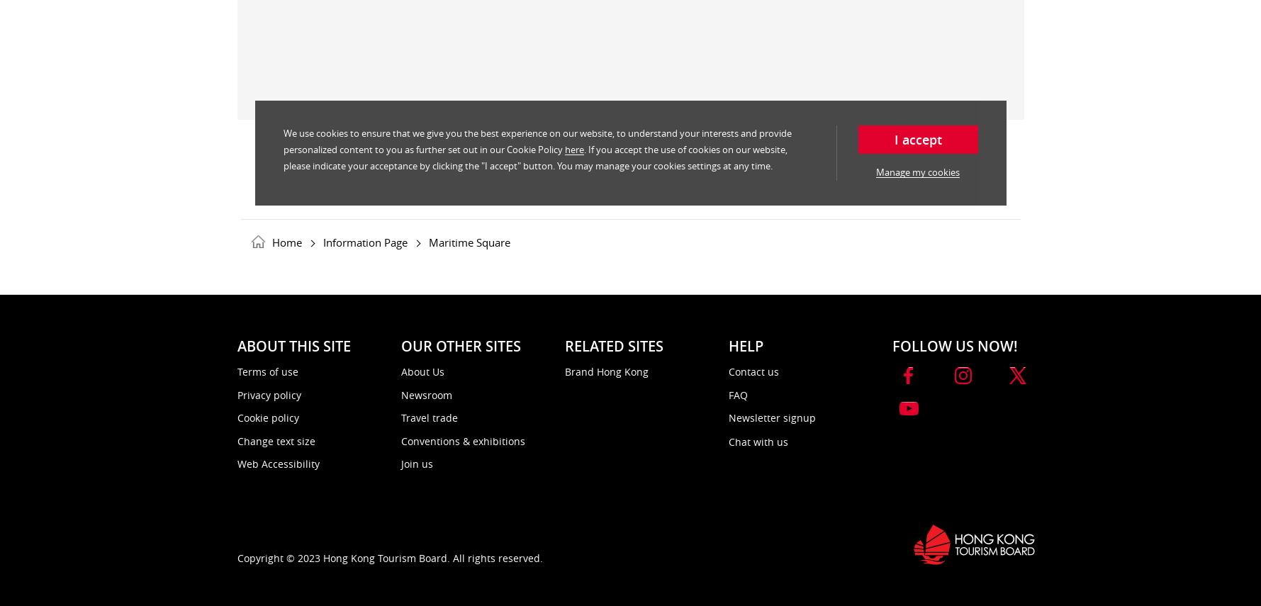 The height and width of the screenshot is (606, 1261). Describe the element at coordinates (267, 394) in the screenshot. I see `'Privacy policy'` at that location.